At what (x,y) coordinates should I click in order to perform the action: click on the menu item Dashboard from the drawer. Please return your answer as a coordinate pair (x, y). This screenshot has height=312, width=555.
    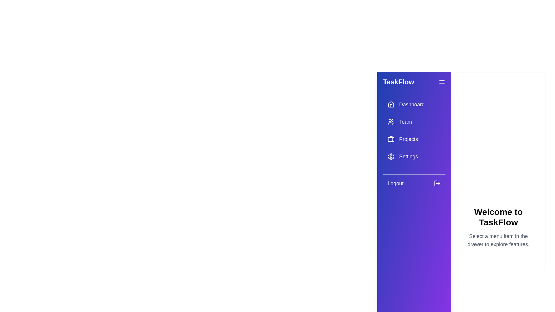
    Looking at the image, I should click on (414, 105).